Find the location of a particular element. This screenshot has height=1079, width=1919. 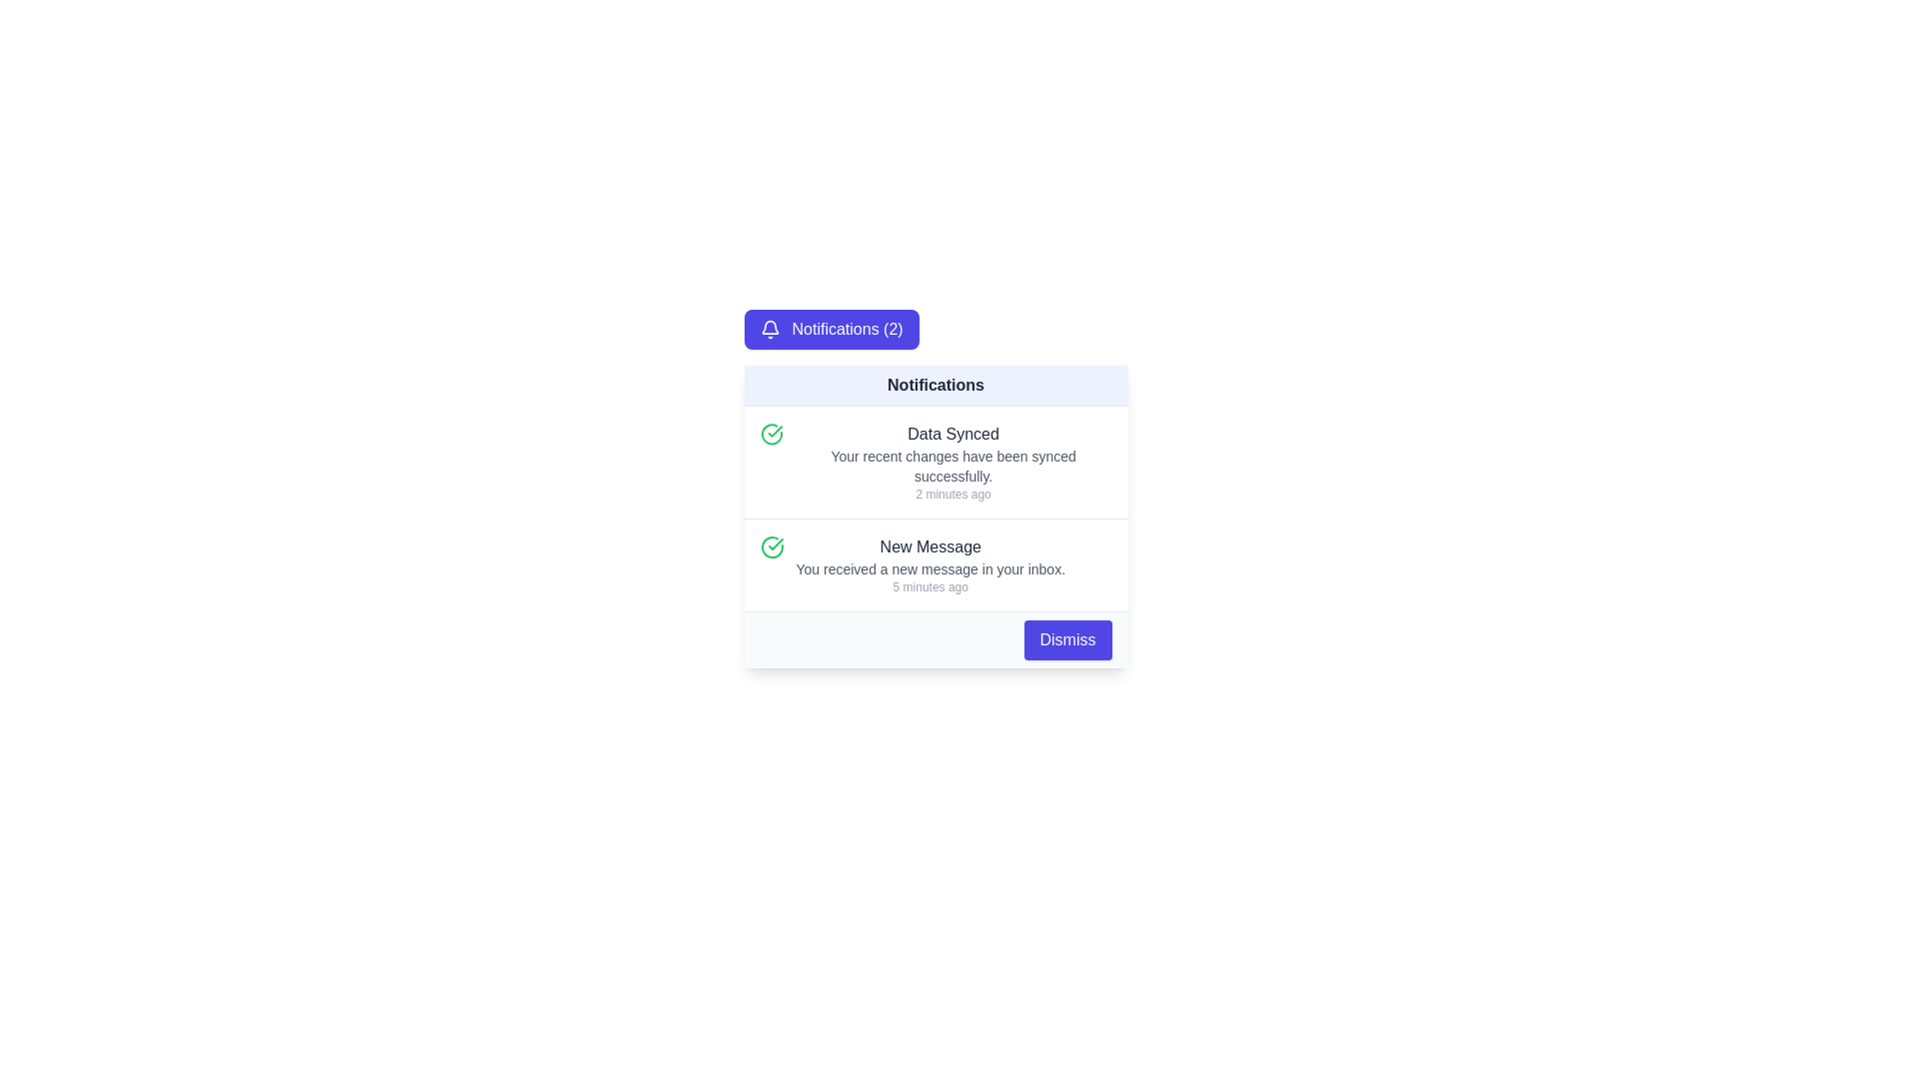

the bell-shaped notification icon located to the left of the 'Notifications (2)' text within the indigo button is located at coordinates (769, 329).